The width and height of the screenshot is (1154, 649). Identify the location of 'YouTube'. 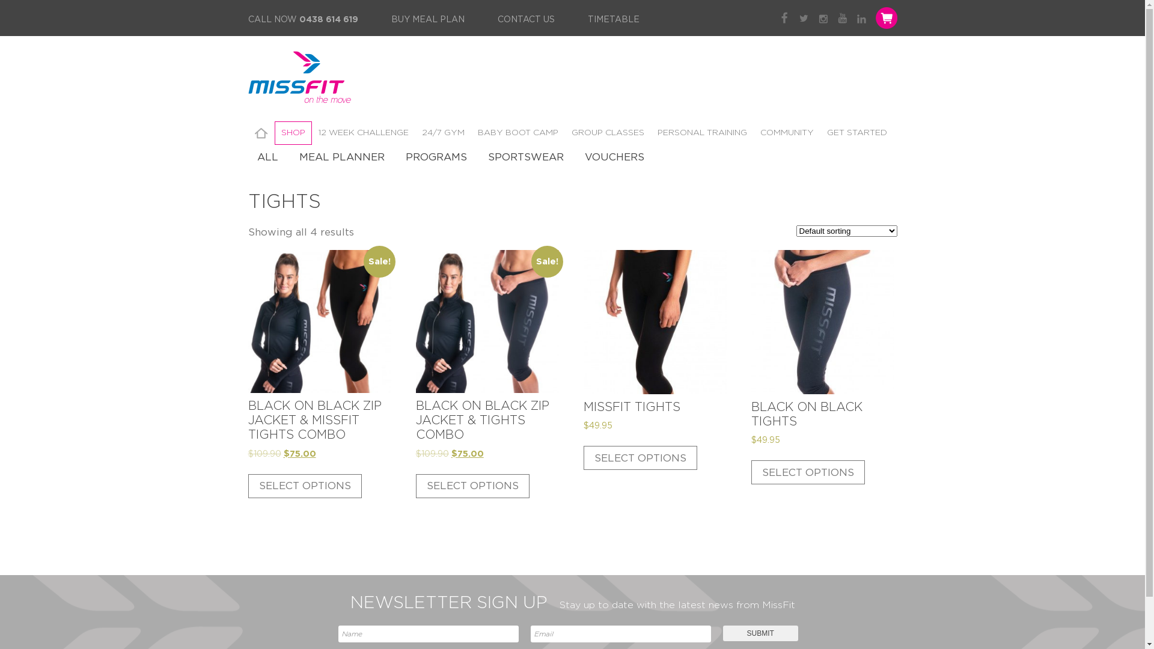
(841, 18).